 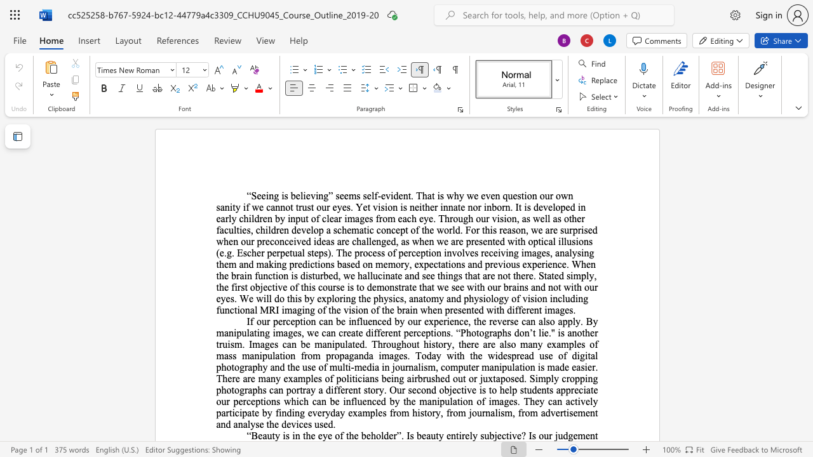 What do you see at coordinates (374, 321) in the screenshot?
I see `the 4th character "n" in the text` at bounding box center [374, 321].